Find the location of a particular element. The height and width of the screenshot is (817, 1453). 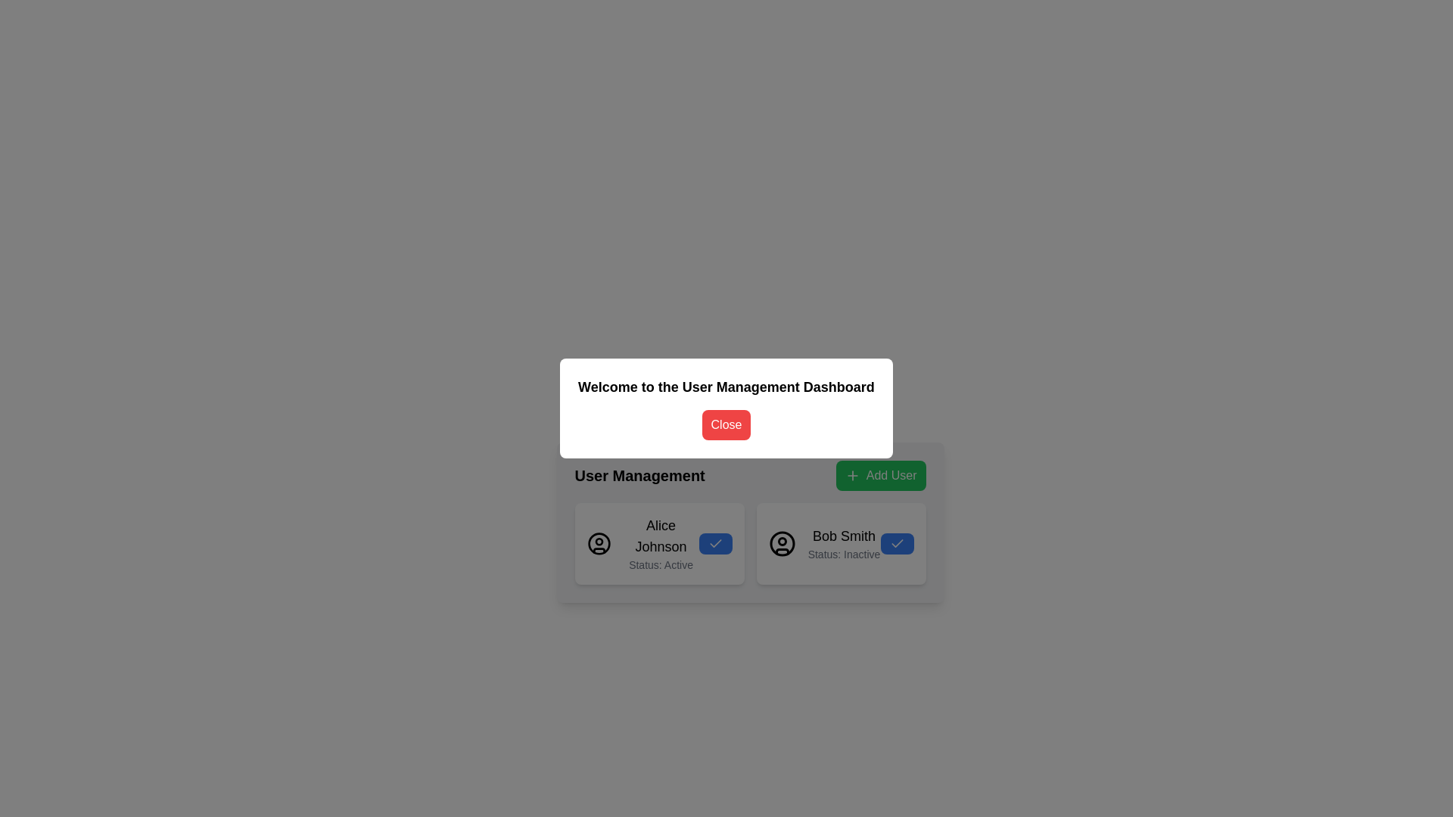

the User Card with Action Button, which is the second card in the User Management section is located at coordinates (840, 542).